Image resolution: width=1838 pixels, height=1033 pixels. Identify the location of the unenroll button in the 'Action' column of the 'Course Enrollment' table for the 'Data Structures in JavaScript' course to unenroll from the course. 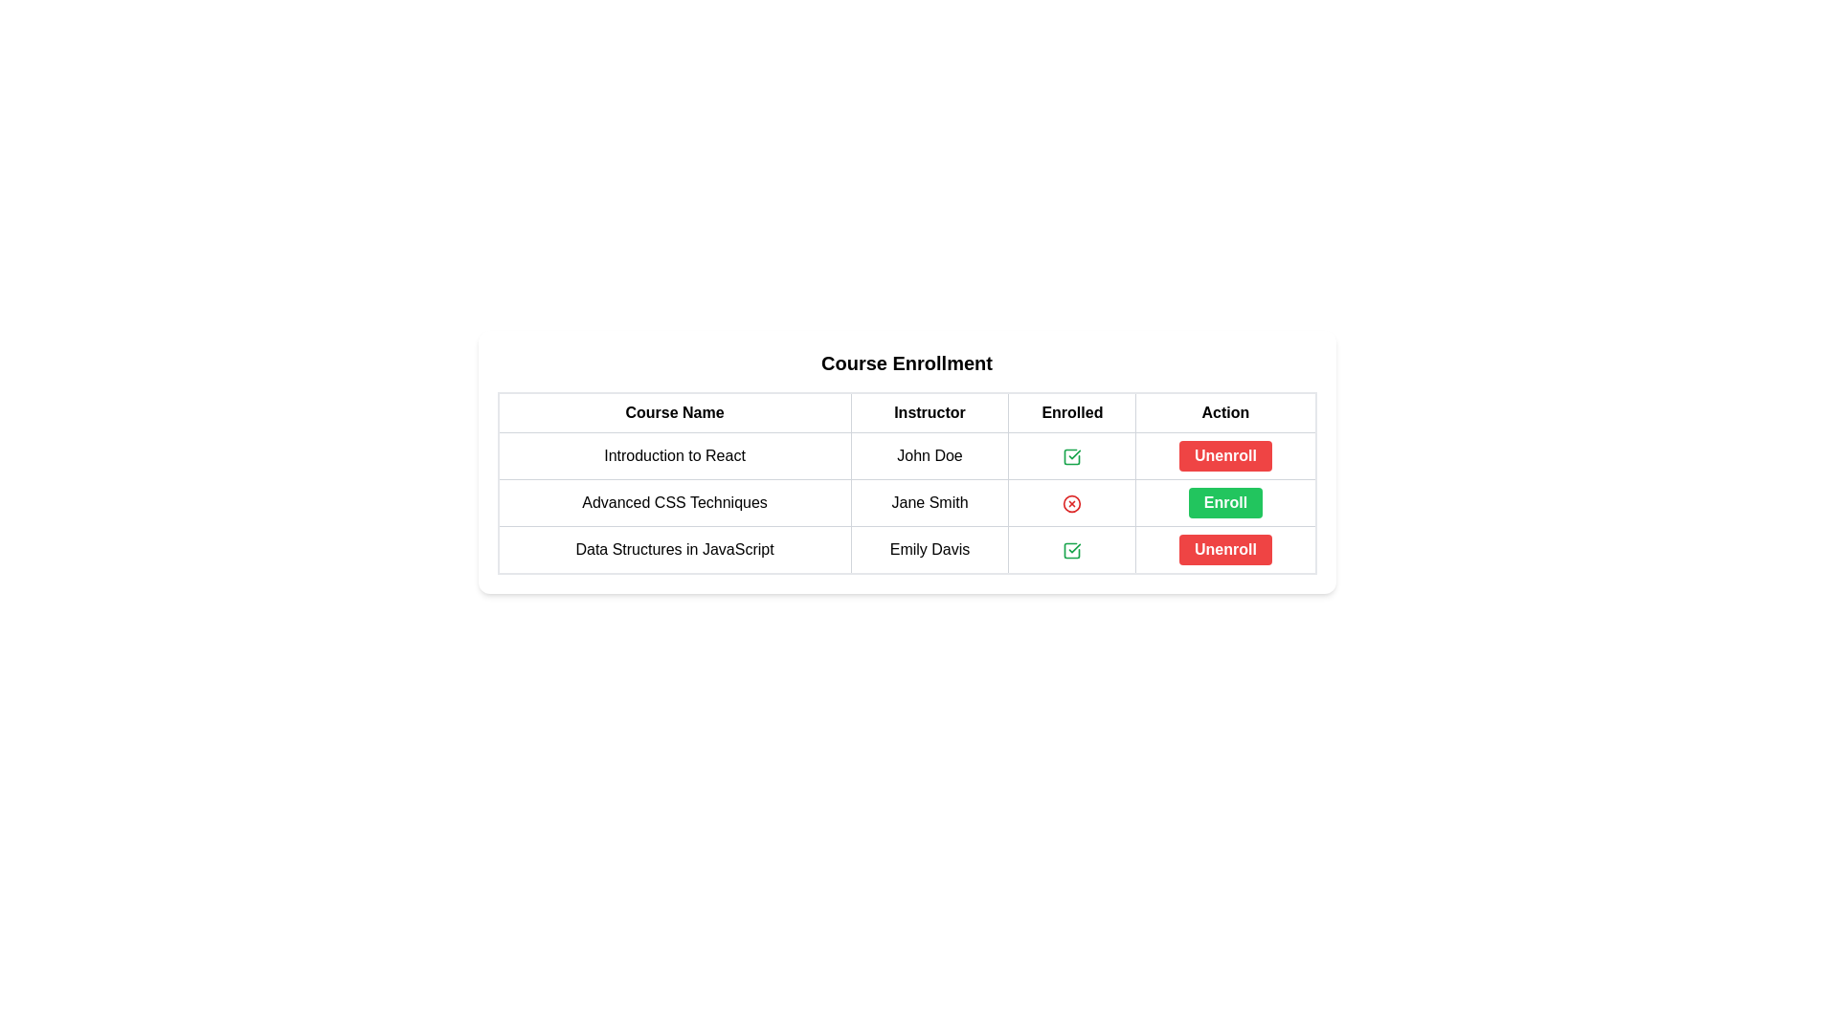
(1225, 549).